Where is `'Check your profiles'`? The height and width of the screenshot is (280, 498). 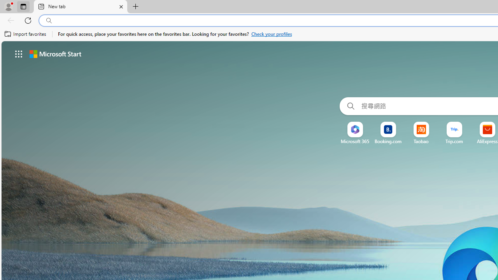 'Check your profiles' is located at coordinates (272, 34).